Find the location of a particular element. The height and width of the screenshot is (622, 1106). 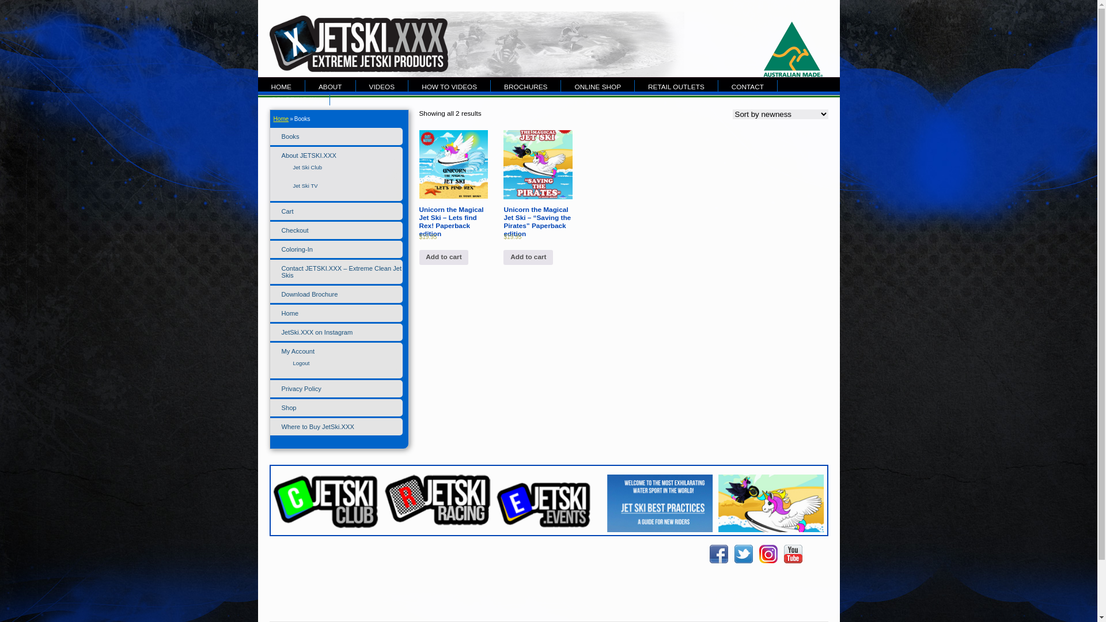

'Checkout' is located at coordinates (294, 230).